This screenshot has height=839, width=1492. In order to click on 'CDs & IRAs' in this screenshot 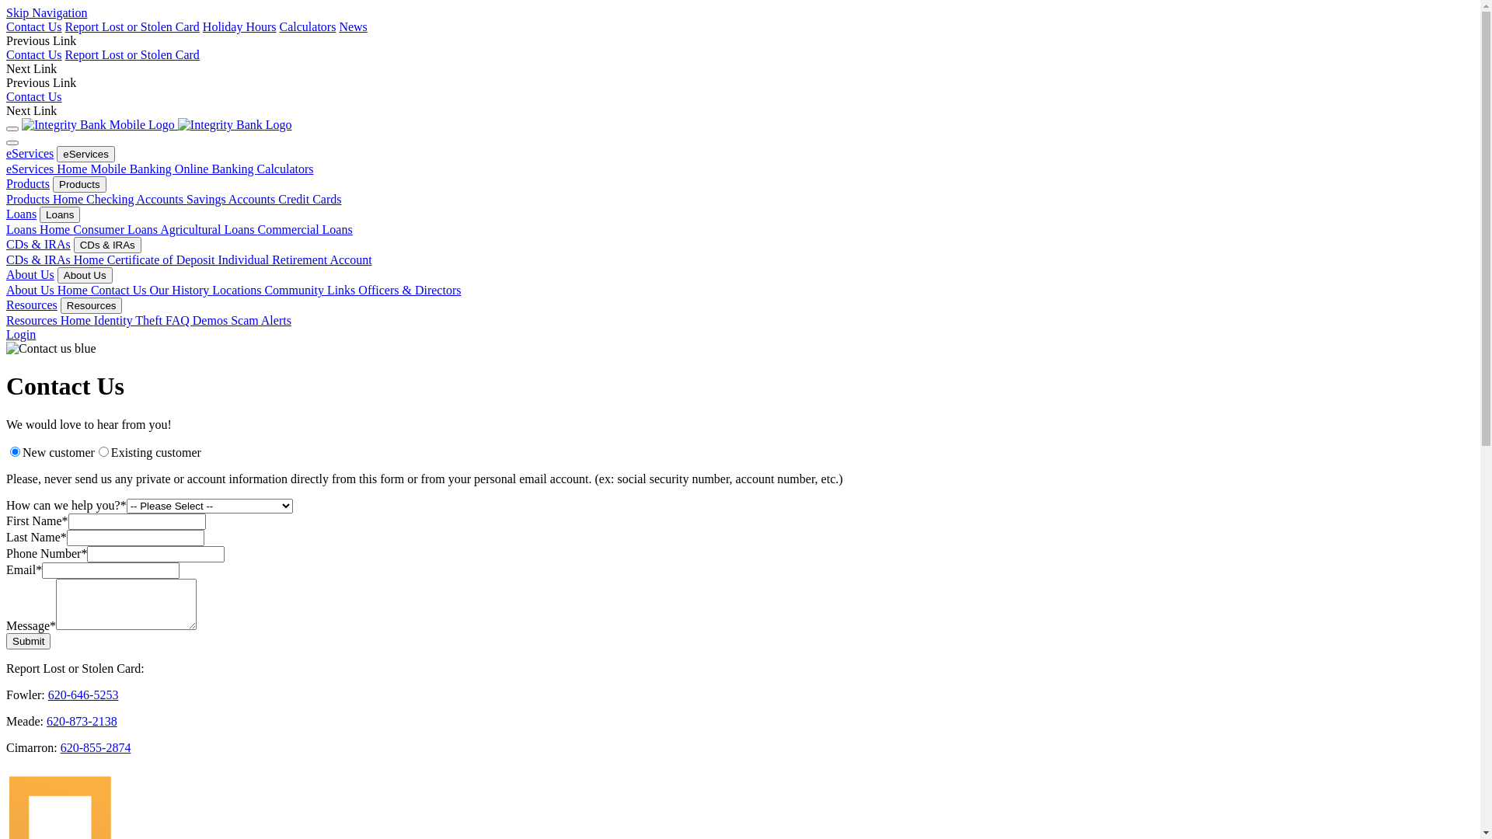, I will do `click(38, 244)`.